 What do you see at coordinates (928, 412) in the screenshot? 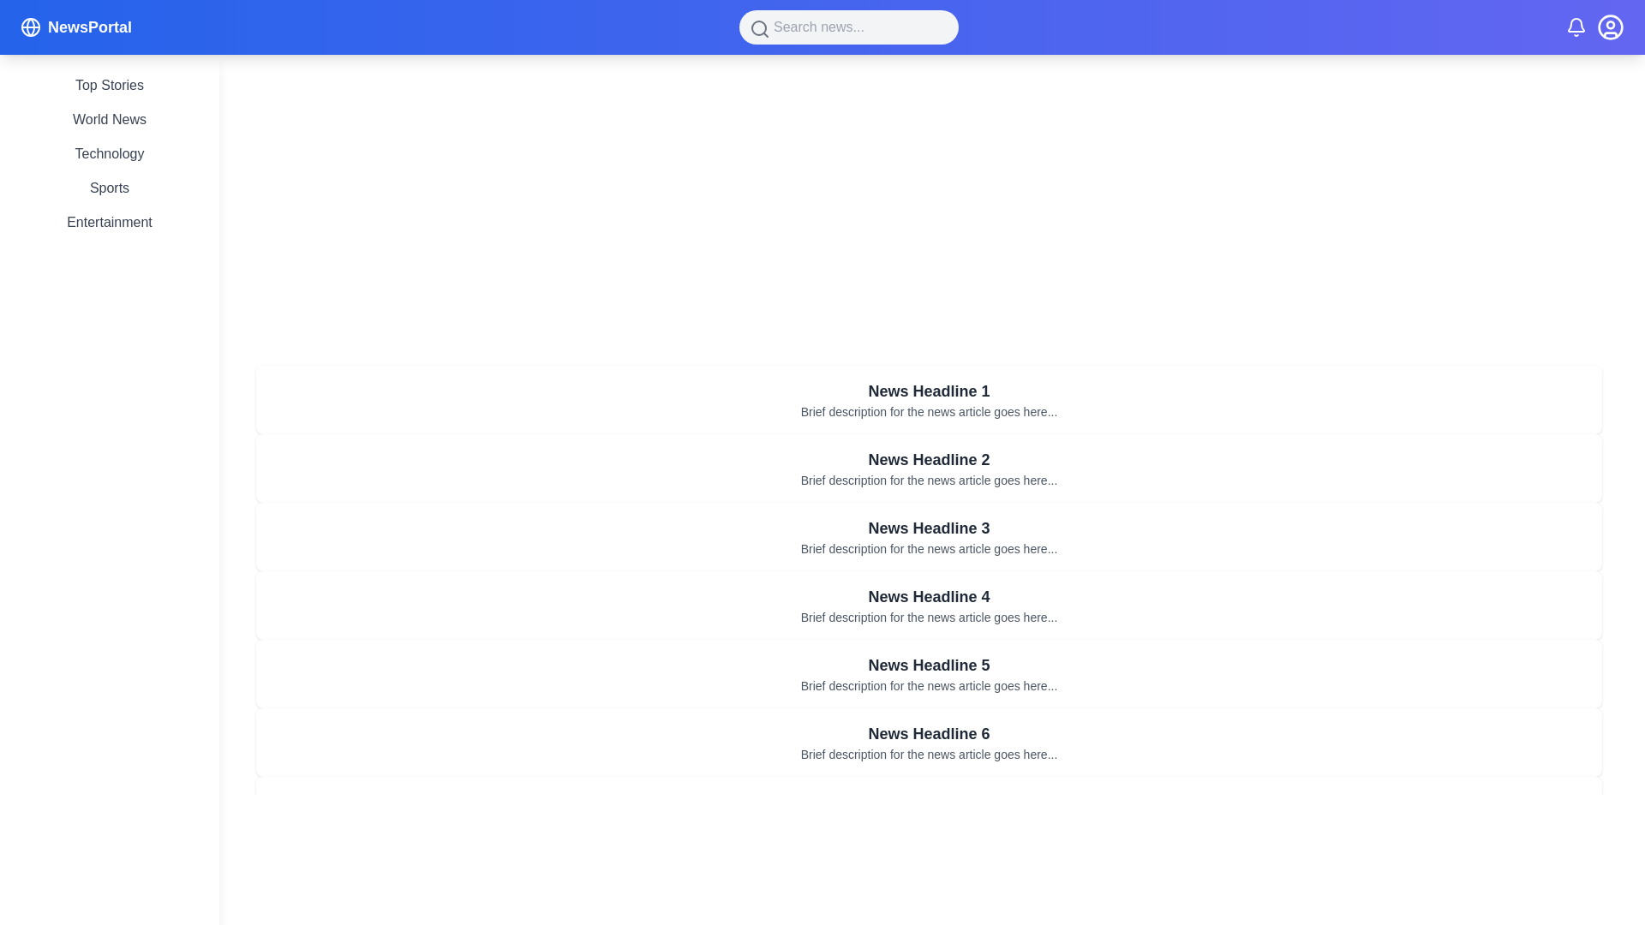
I see `the text snippet styled with a small font size and gray color that reads 'Brief description for the news article goes here...', located beneath the headline 'News Headline 1'` at bounding box center [928, 412].